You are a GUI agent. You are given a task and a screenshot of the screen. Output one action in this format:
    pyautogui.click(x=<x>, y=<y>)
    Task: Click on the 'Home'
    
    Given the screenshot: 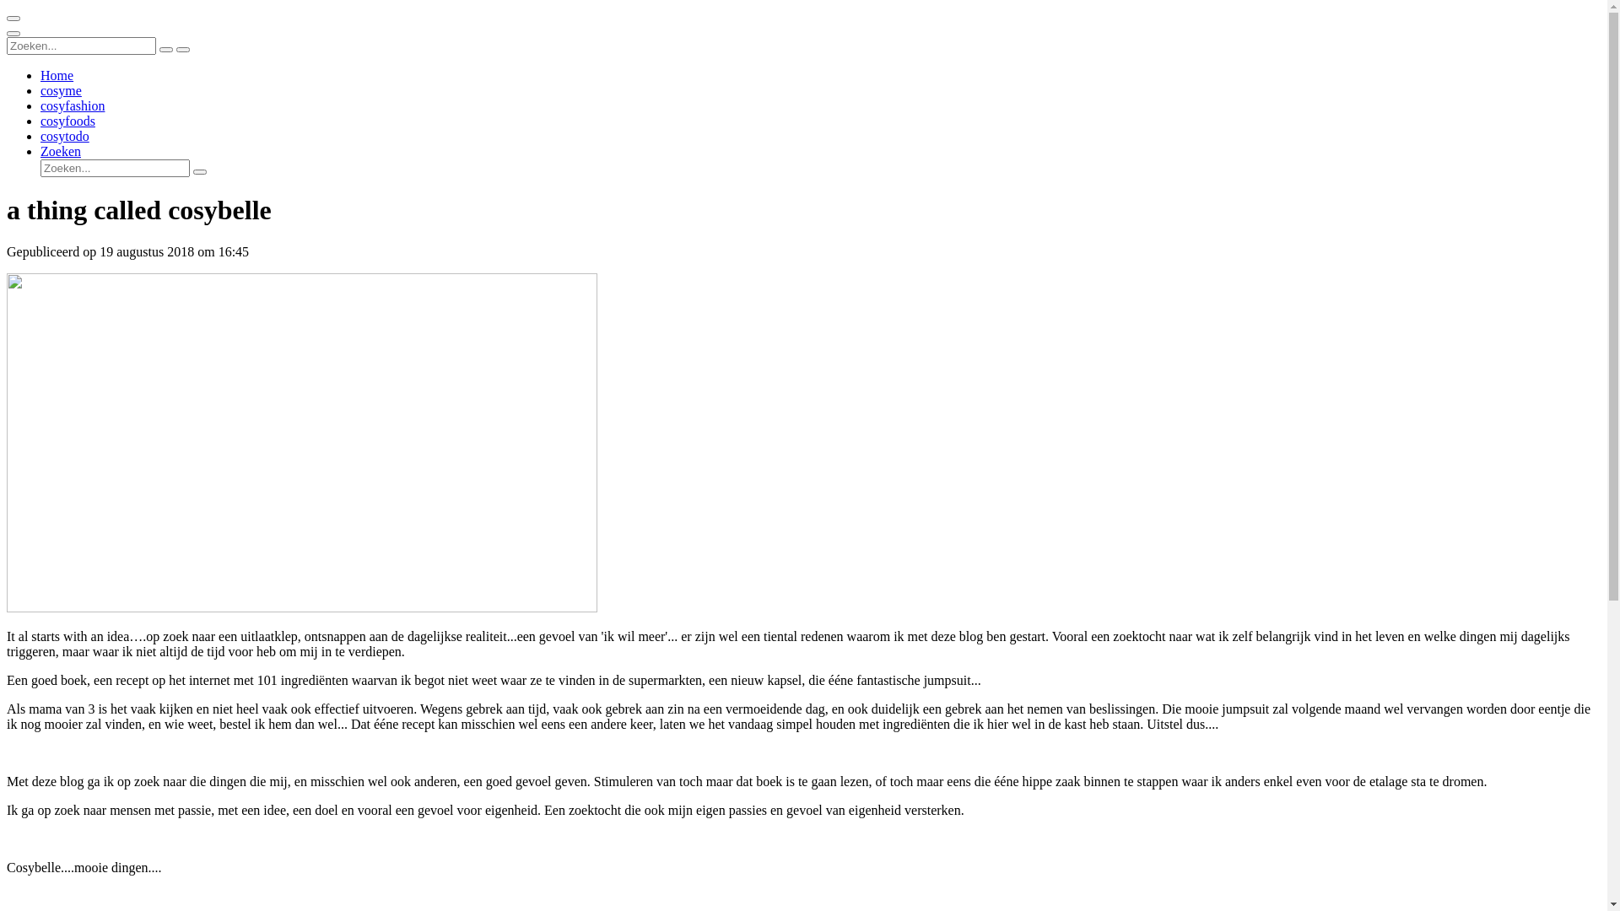 What is the action you would take?
    pyautogui.click(x=57, y=74)
    